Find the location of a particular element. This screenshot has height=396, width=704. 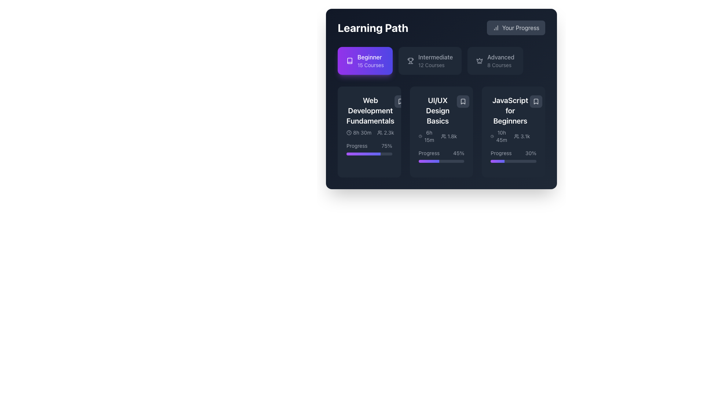

the progress is located at coordinates (378, 154).